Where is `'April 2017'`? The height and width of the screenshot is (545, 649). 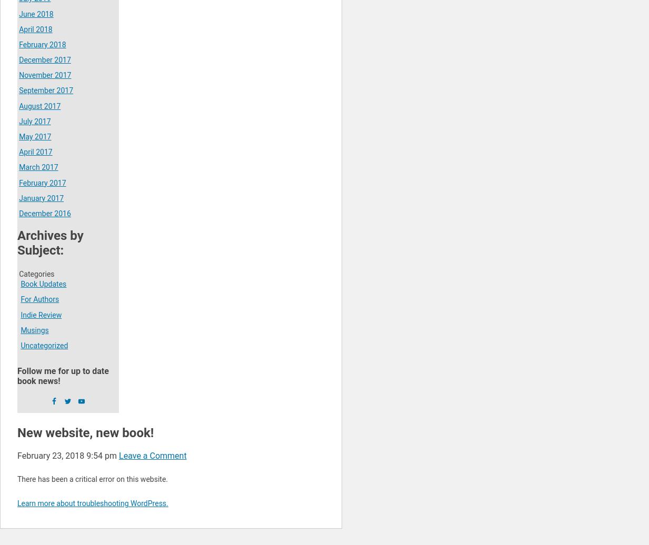
'April 2017' is located at coordinates (35, 152).